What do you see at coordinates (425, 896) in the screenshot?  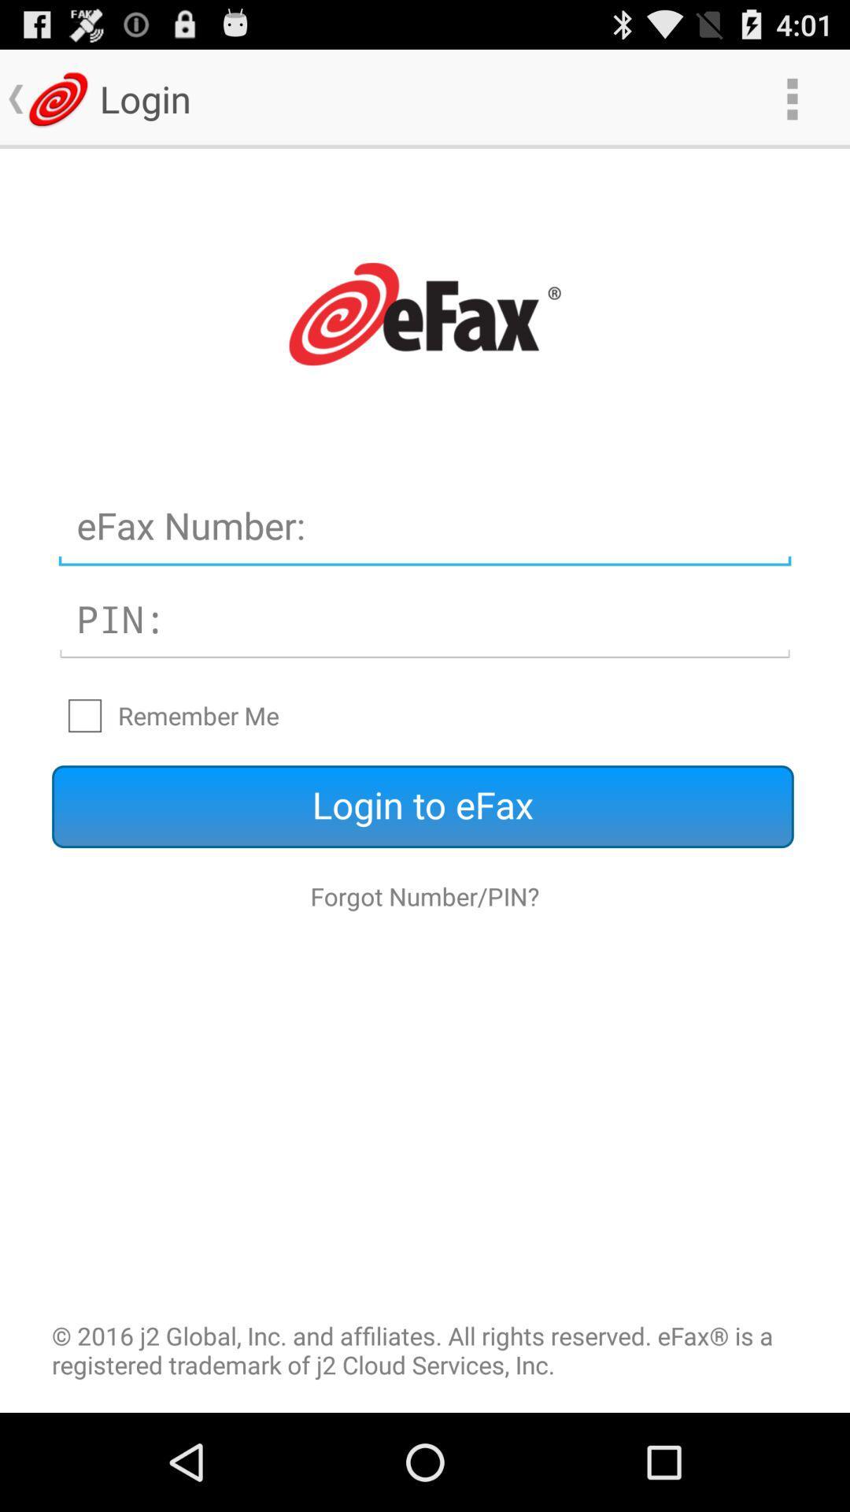 I see `the text below the login to efax` at bounding box center [425, 896].